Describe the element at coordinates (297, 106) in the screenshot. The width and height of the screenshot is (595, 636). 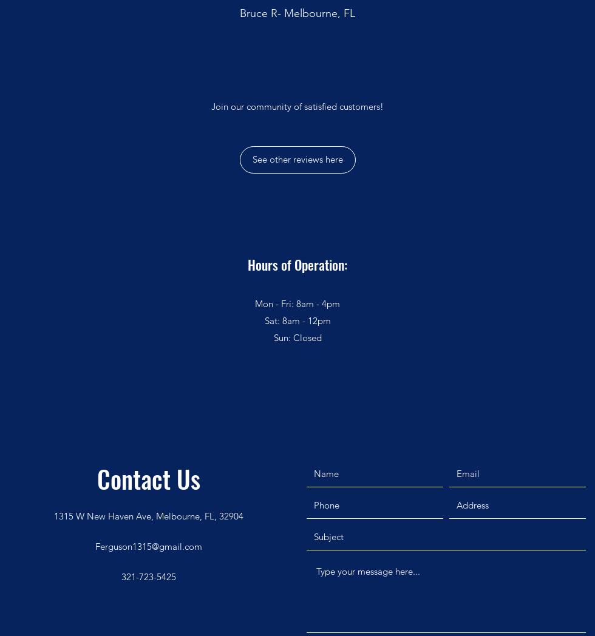
I see `'Join our community of satisfied customers!'` at that location.